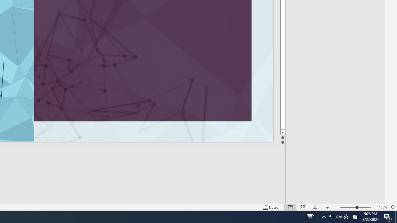 The image size is (397, 223). I want to click on 'Line down', so click(282, 132).